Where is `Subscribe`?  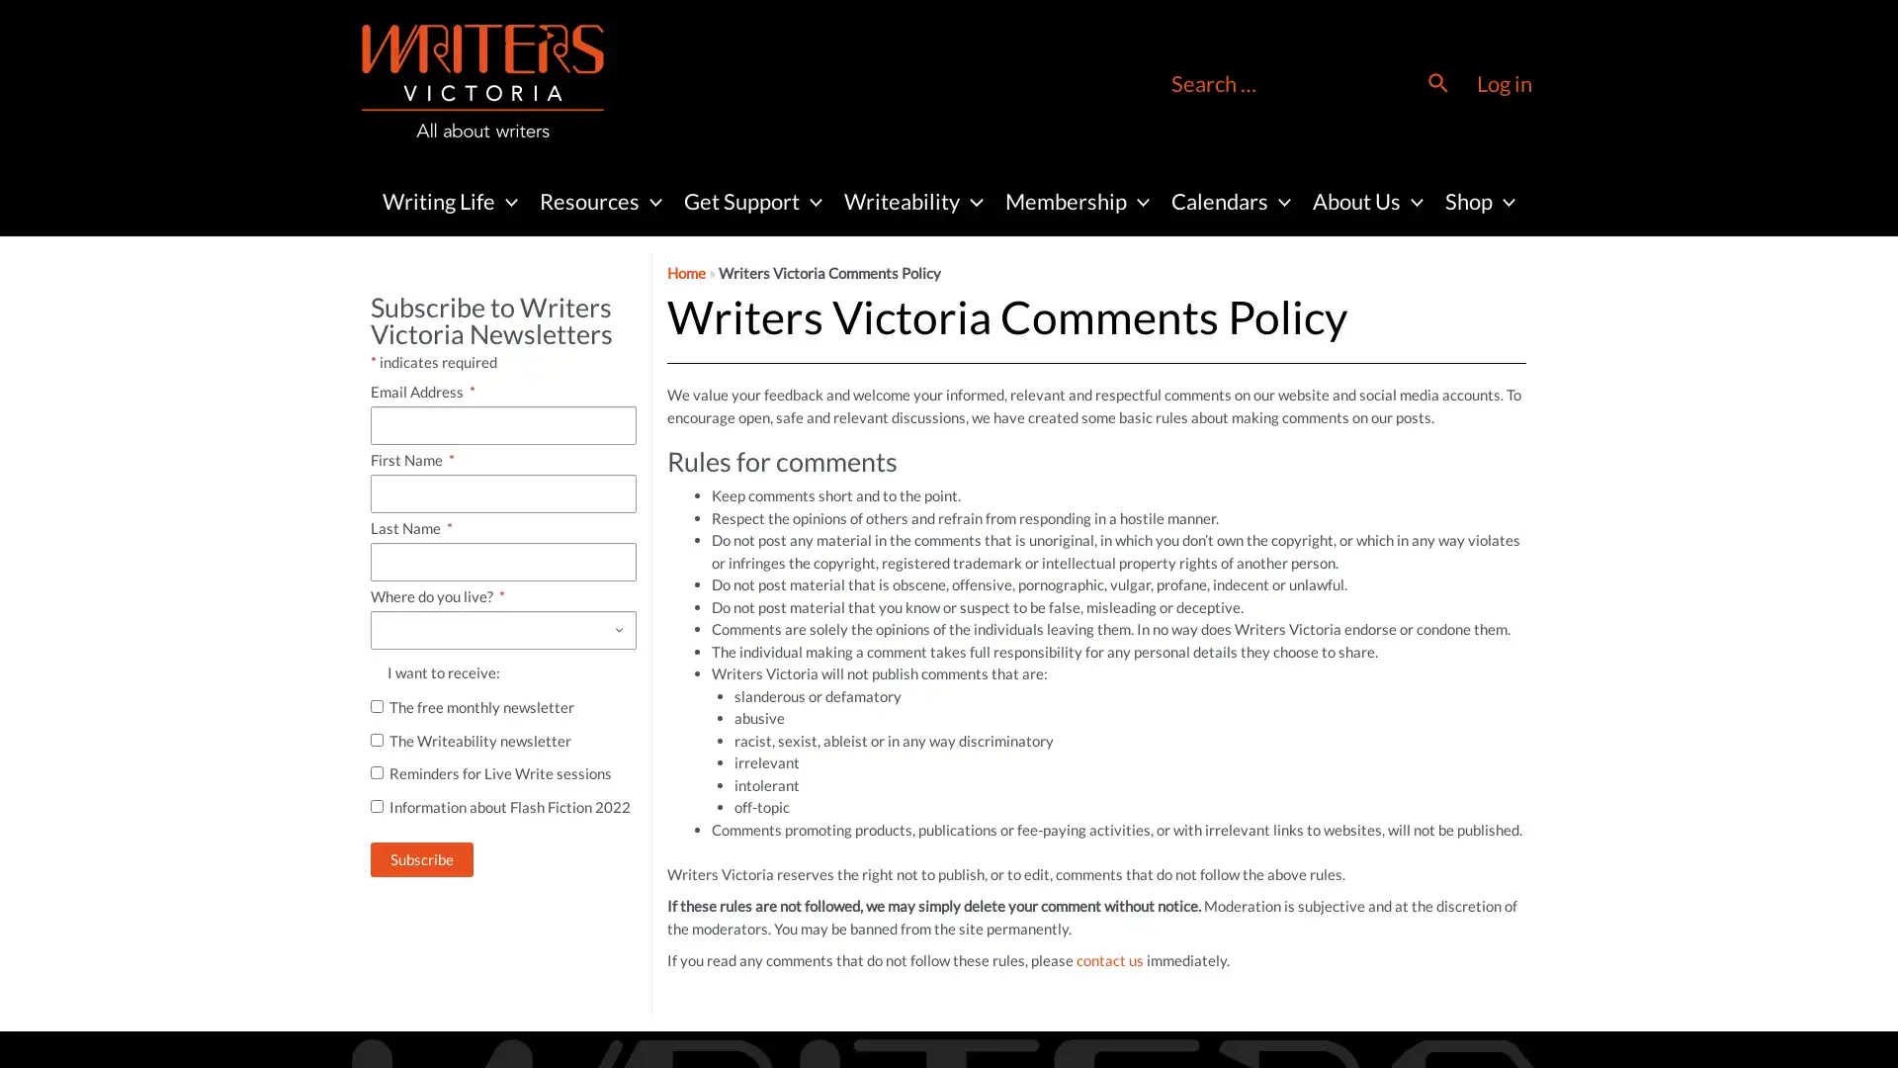 Subscribe is located at coordinates (421, 858).